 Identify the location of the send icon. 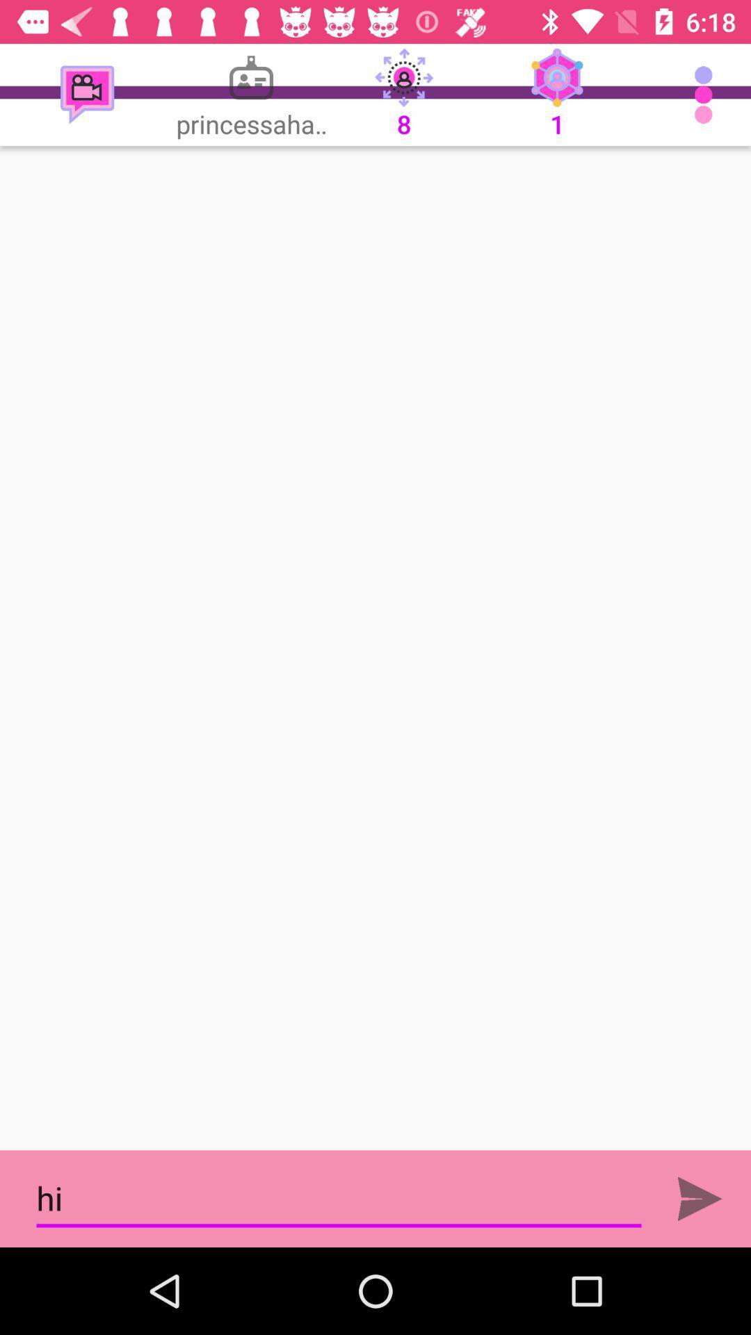
(700, 1198).